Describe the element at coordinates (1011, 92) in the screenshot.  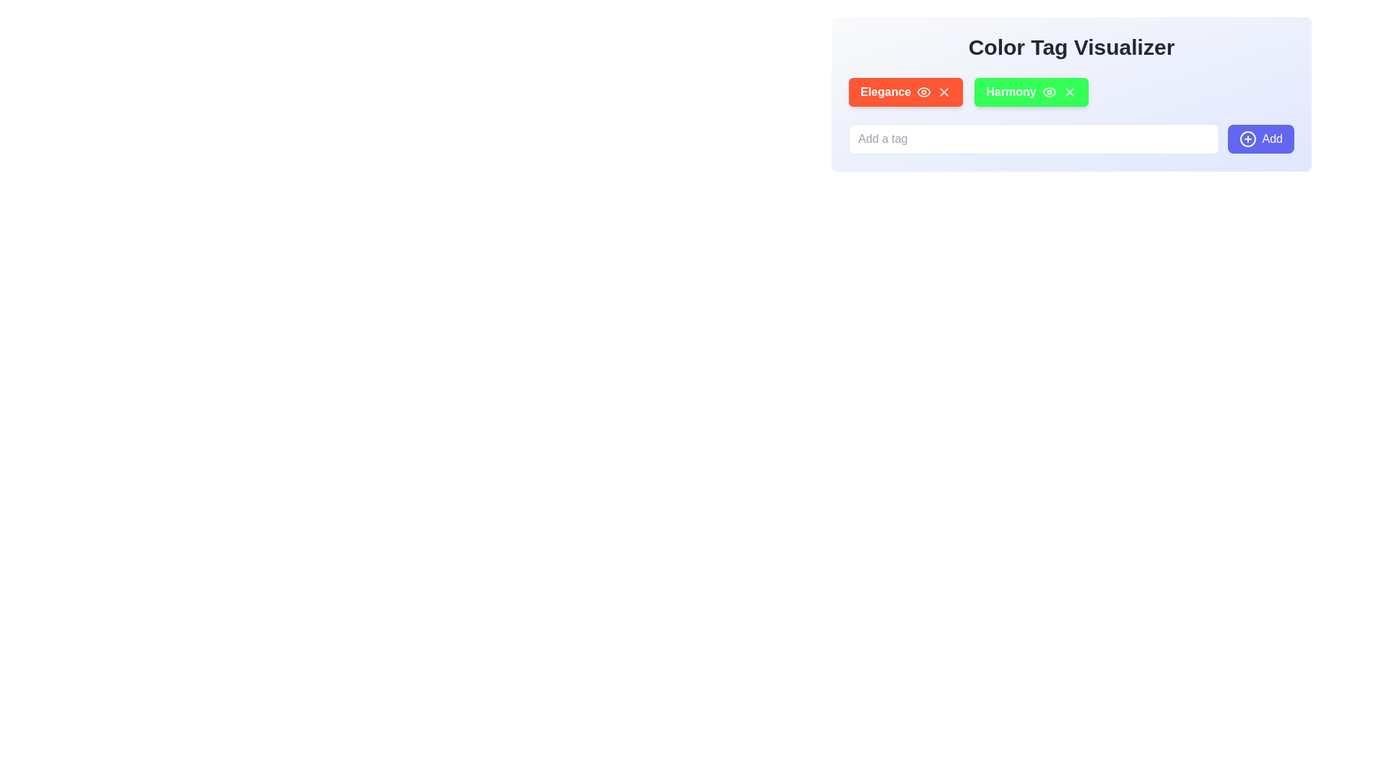
I see `the green tag labeled 'Harmony' which serves as a textual identifier in the Color Tag Visualizer interface` at that location.